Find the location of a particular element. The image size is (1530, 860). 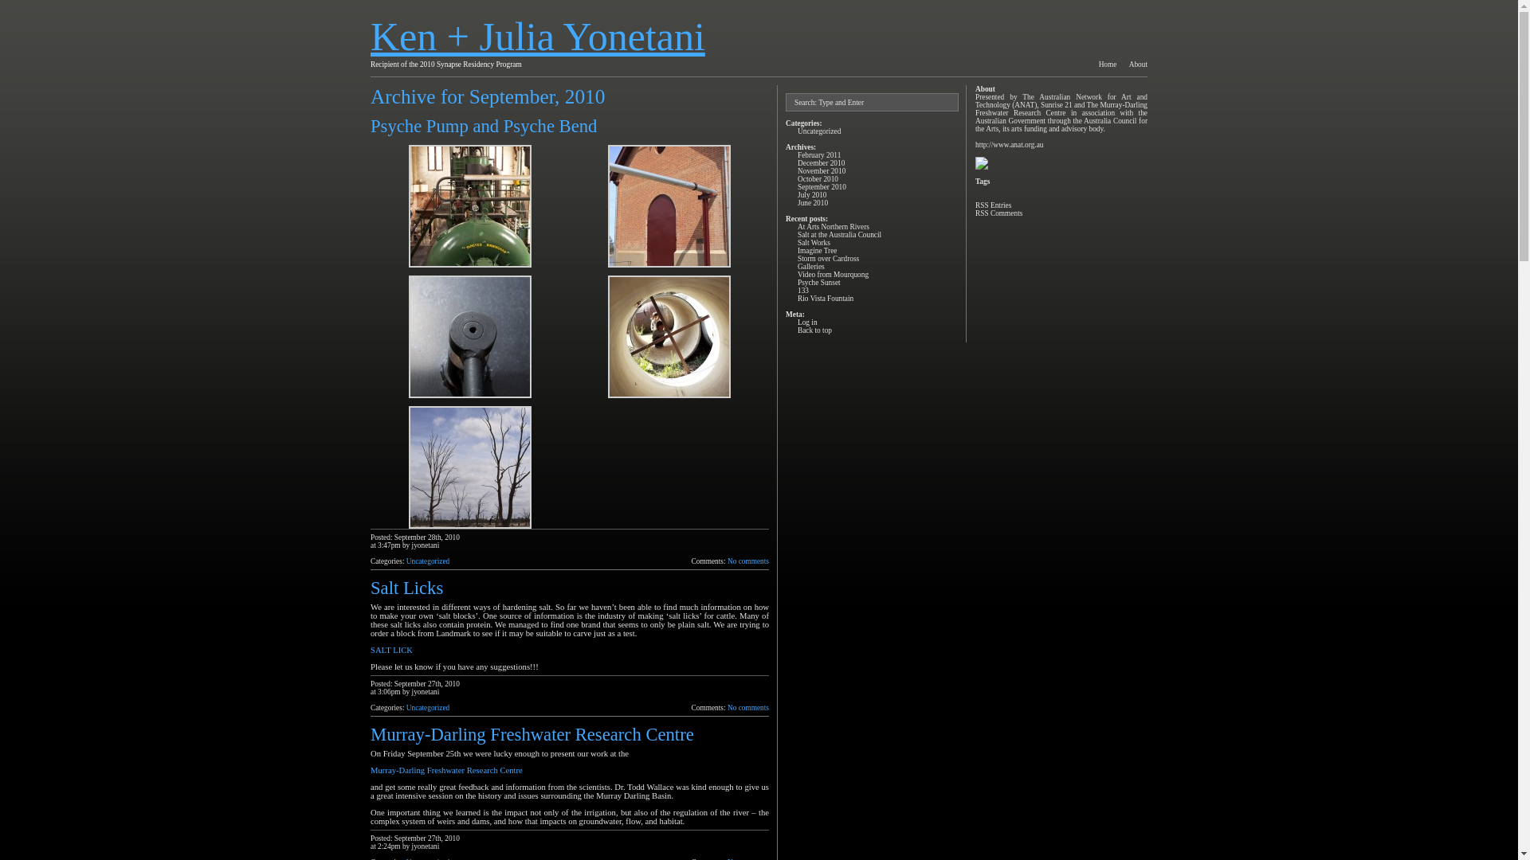

'November 2010' is located at coordinates (798, 171).